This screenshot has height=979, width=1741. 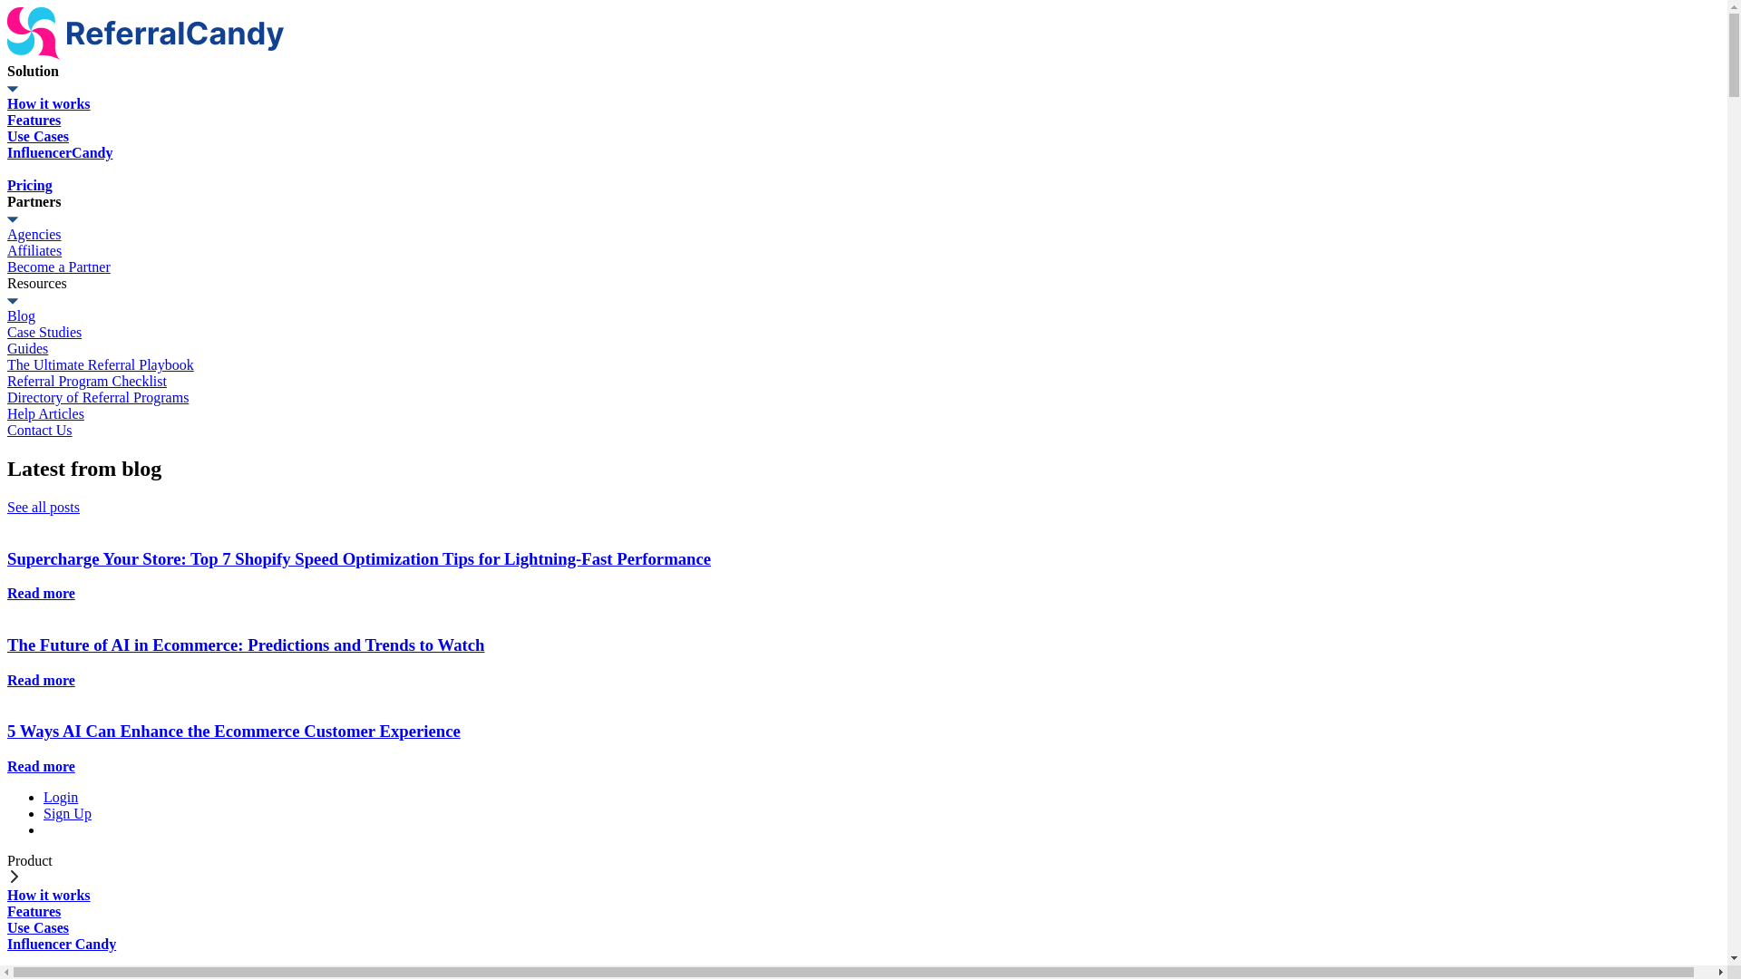 What do you see at coordinates (7, 267) in the screenshot?
I see `'Become a Partner'` at bounding box center [7, 267].